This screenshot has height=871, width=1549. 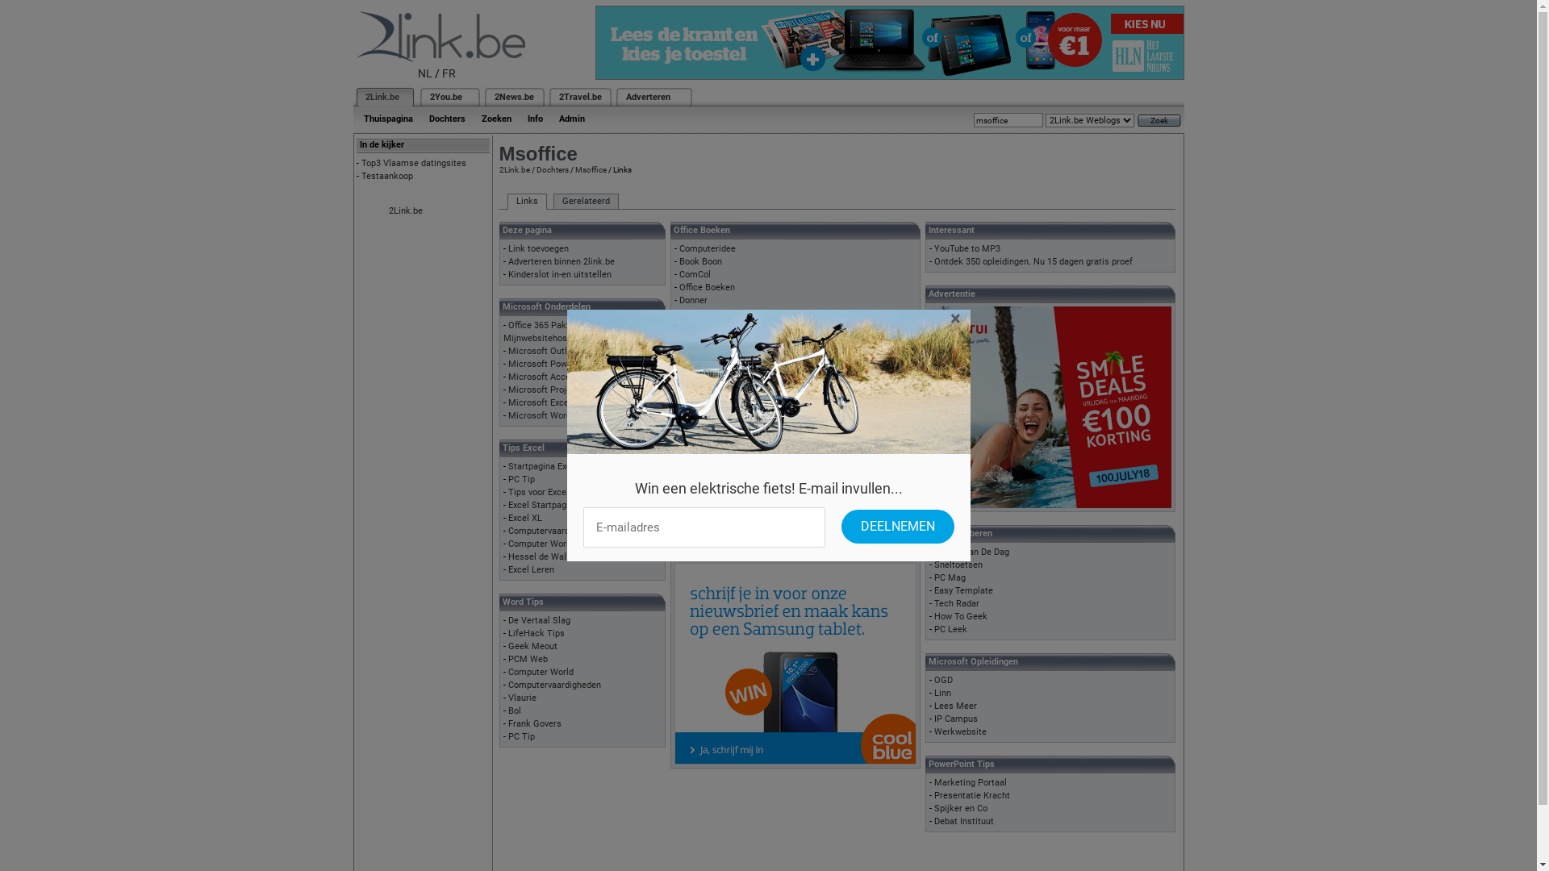 What do you see at coordinates (541, 556) in the screenshot?
I see `'Hessel de Walle'` at bounding box center [541, 556].